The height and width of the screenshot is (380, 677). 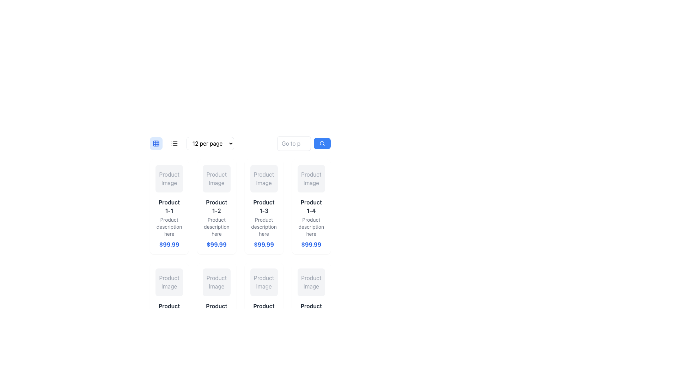 I want to click on the image placeholder area that displays the text 'Product Image' in a light gray background with rounded corners, so click(x=169, y=178).